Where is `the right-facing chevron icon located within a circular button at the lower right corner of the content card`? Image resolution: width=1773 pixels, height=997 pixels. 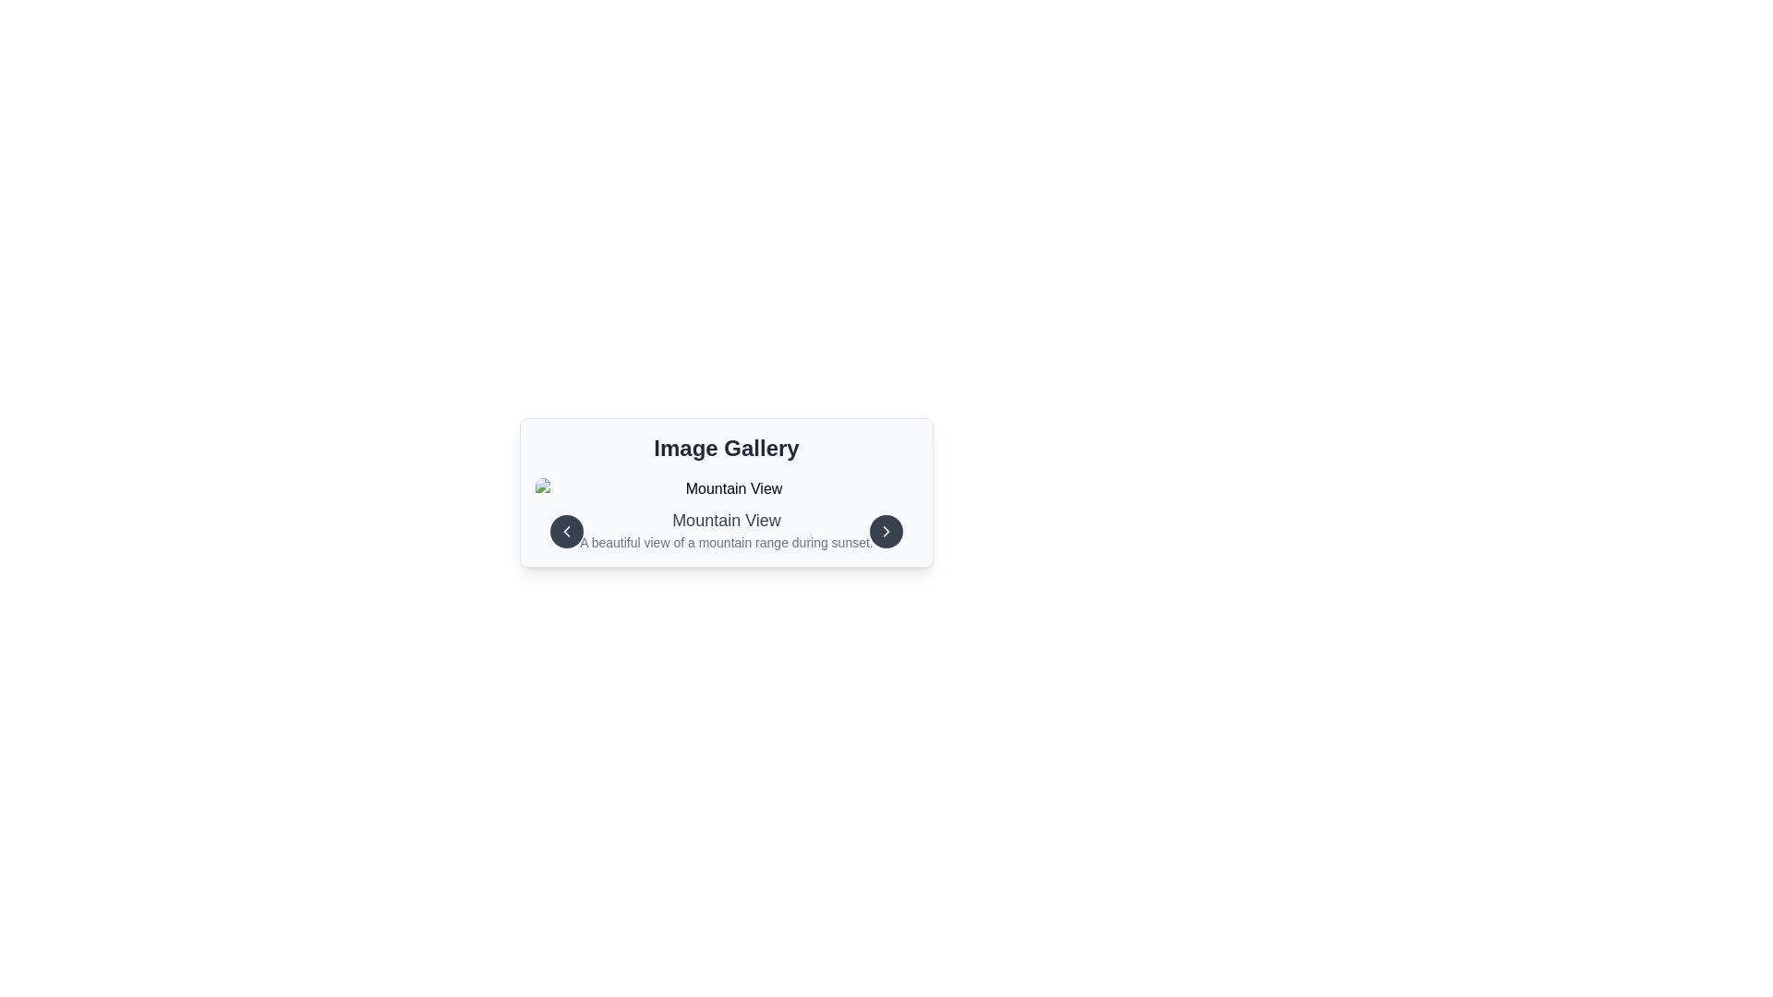
the right-facing chevron icon located within a circular button at the lower right corner of the content card is located at coordinates (886, 531).